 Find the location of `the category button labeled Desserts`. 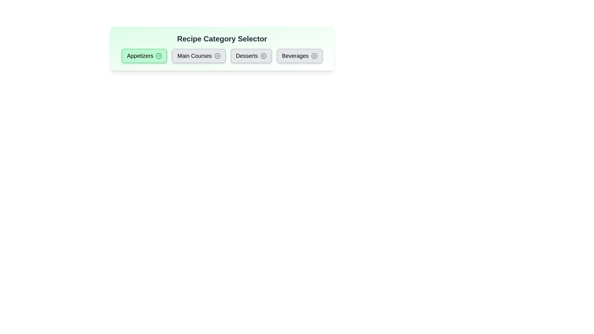

the category button labeled Desserts is located at coordinates (251, 56).